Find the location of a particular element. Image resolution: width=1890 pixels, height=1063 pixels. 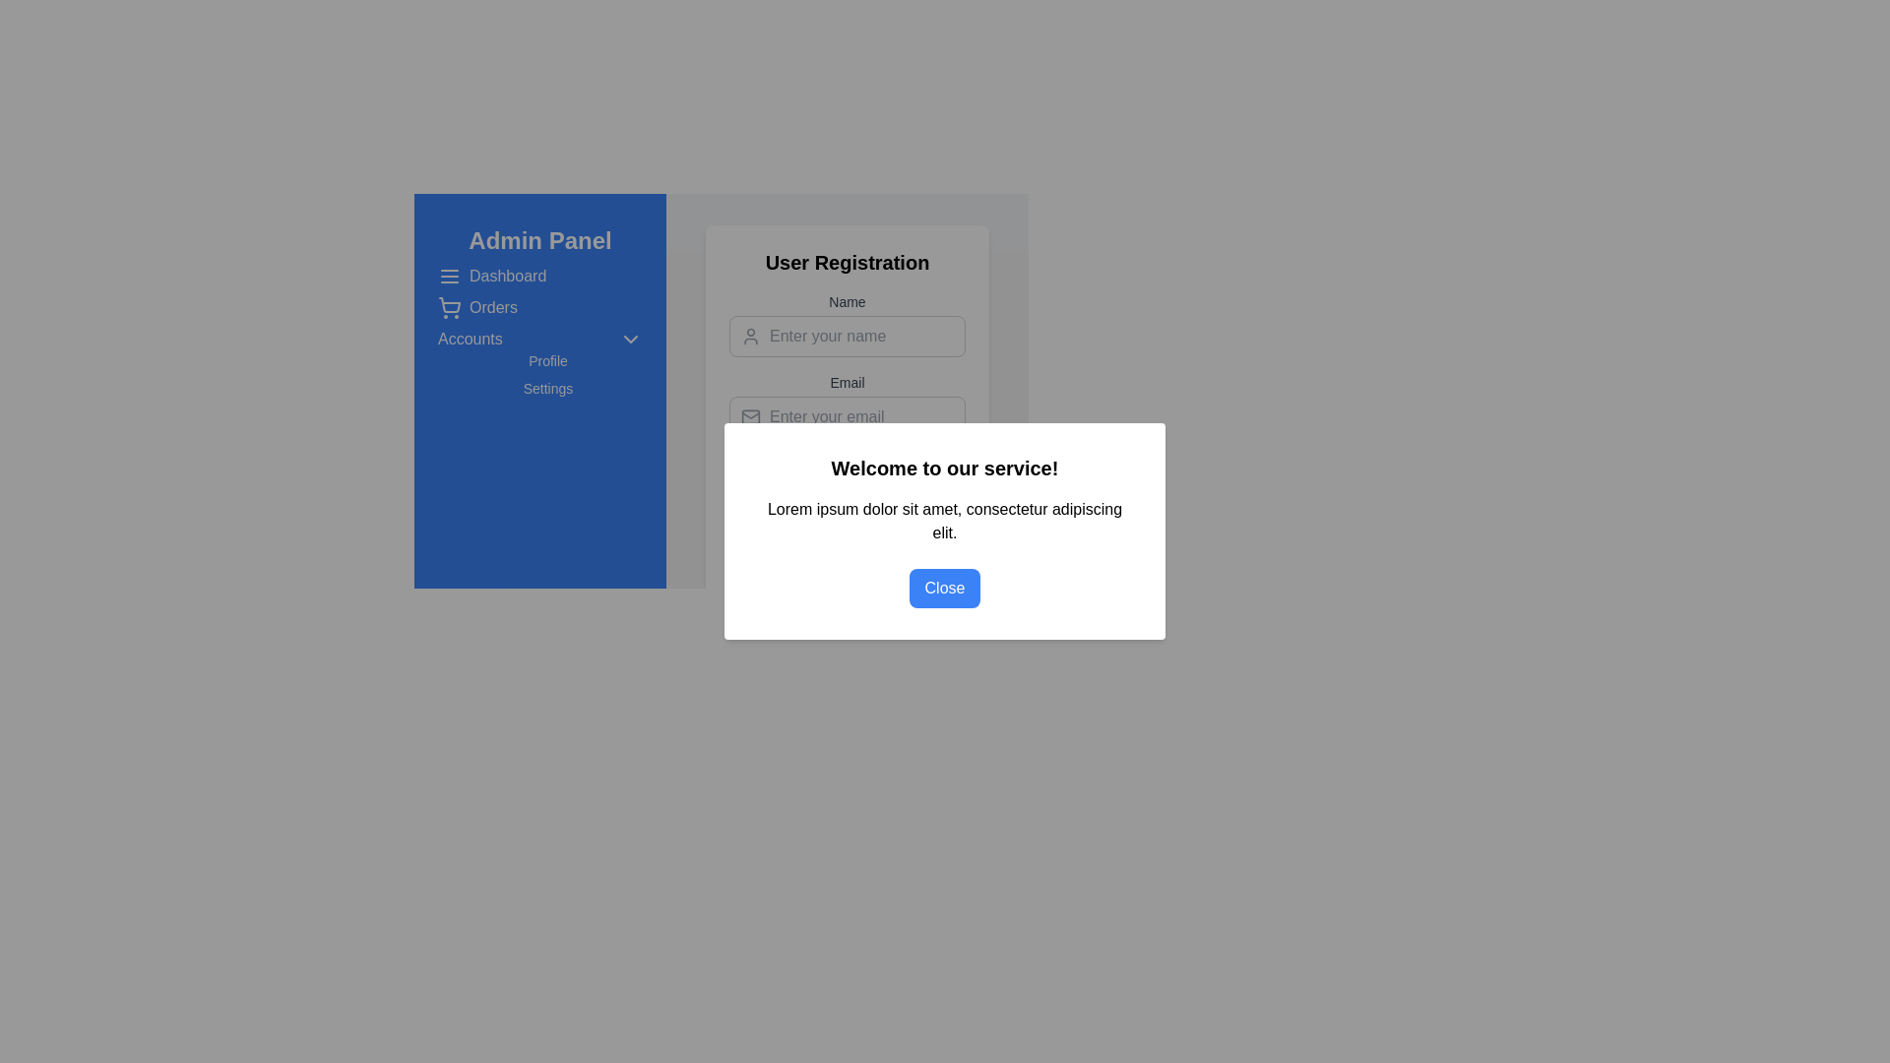

the 'Profile' option in the Navigation menu item cluster located in the blue-themed sidebar under the 'Accounts' header is located at coordinates (547, 375).